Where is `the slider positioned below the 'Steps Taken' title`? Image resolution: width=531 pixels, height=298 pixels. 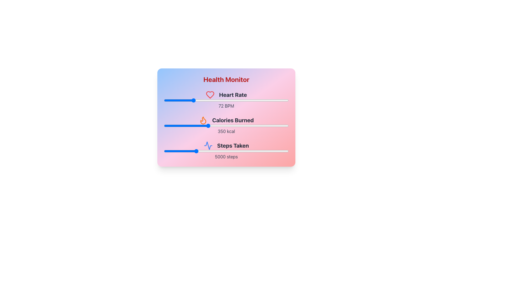 the slider positioned below the 'Steps Taken' title is located at coordinates (226, 151).